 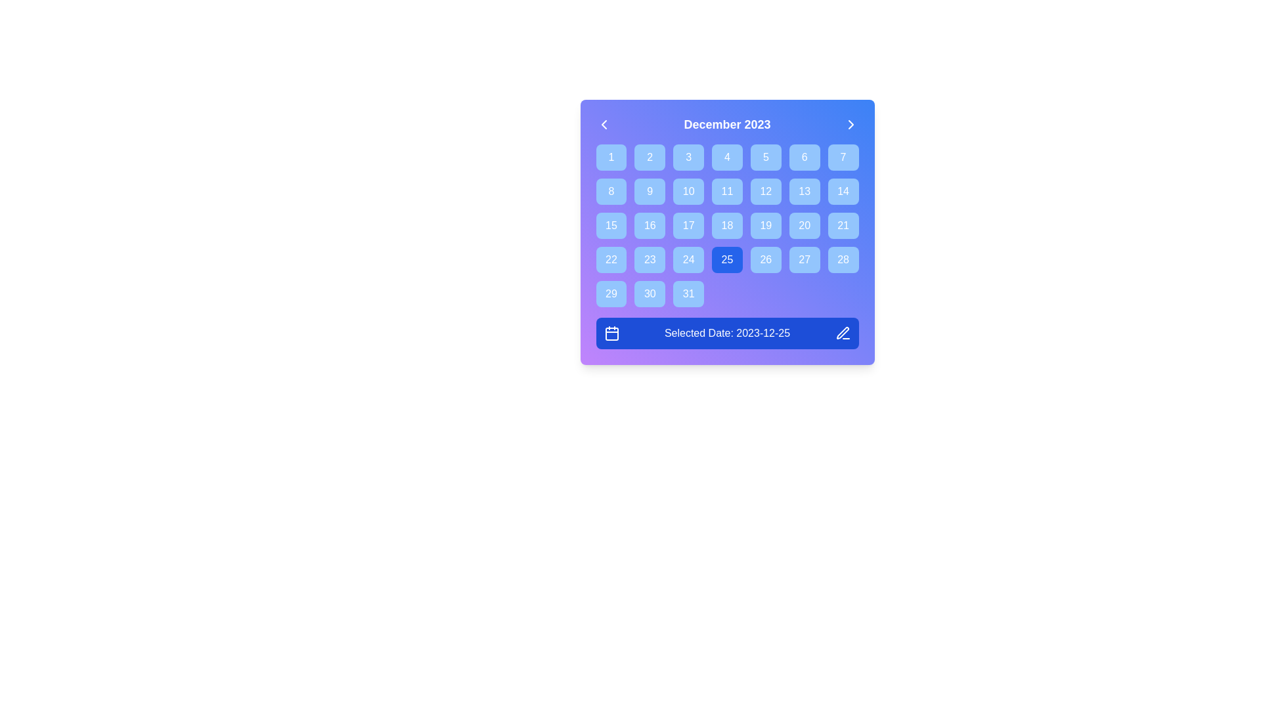 I want to click on the Day cell representing the 22nd day of the current month in the calendar grid, so click(x=611, y=260).